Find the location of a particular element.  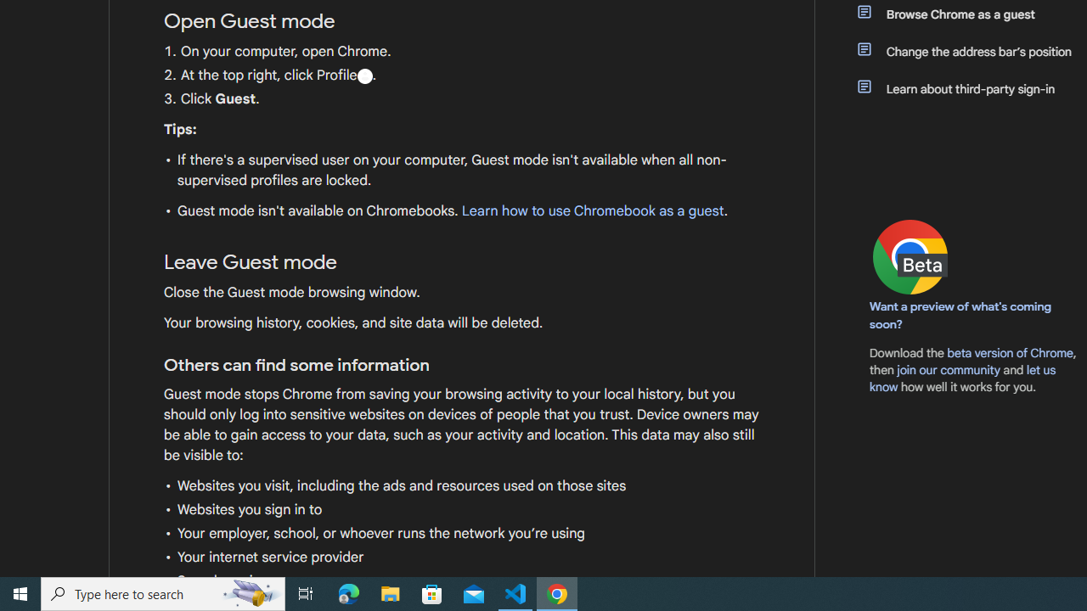

'beta version of Chrome' is located at coordinates (1010, 351).